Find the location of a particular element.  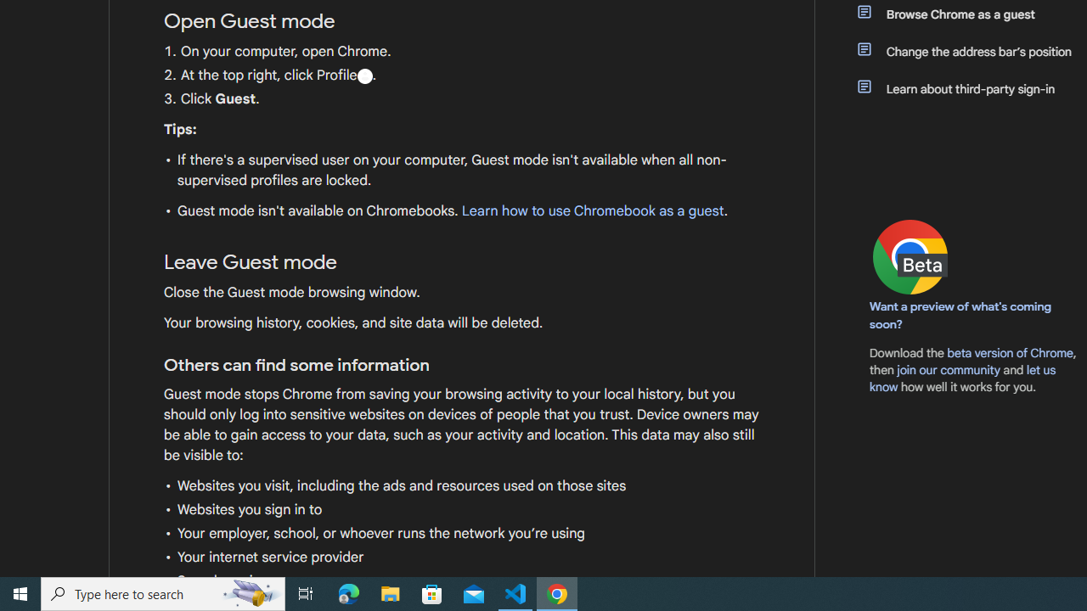

'beta version of Chrome' is located at coordinates (1010, 351).